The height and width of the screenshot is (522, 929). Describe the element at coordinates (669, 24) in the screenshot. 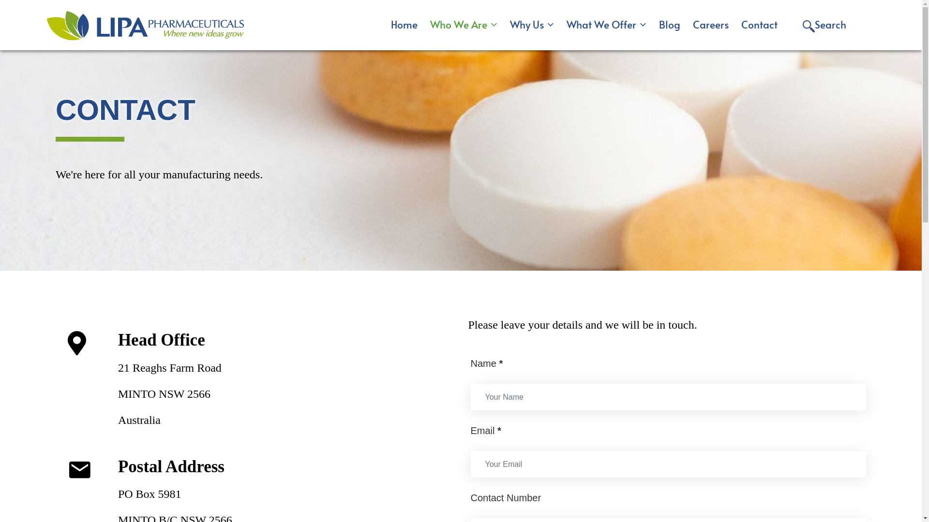

I see `'Blog'` at that location.